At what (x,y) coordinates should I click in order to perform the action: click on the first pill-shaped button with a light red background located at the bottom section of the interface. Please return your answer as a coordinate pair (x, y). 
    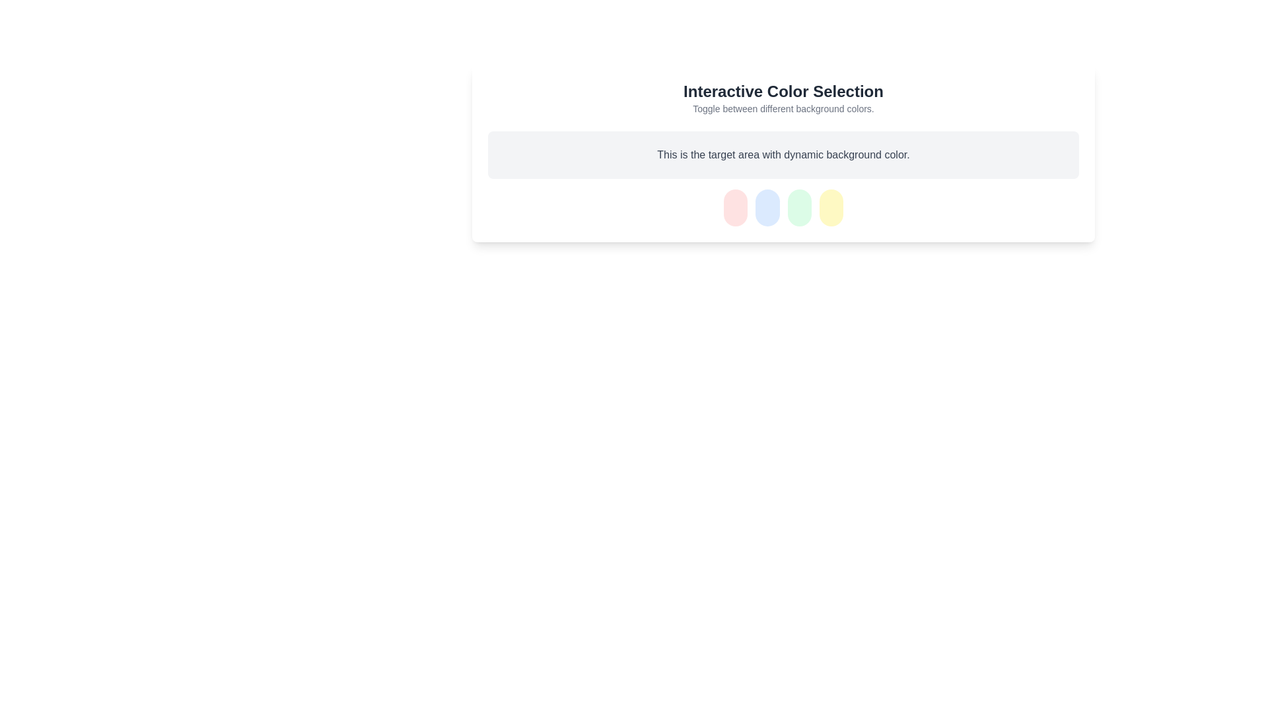
    Looking at the image, I should click on (734, 208).